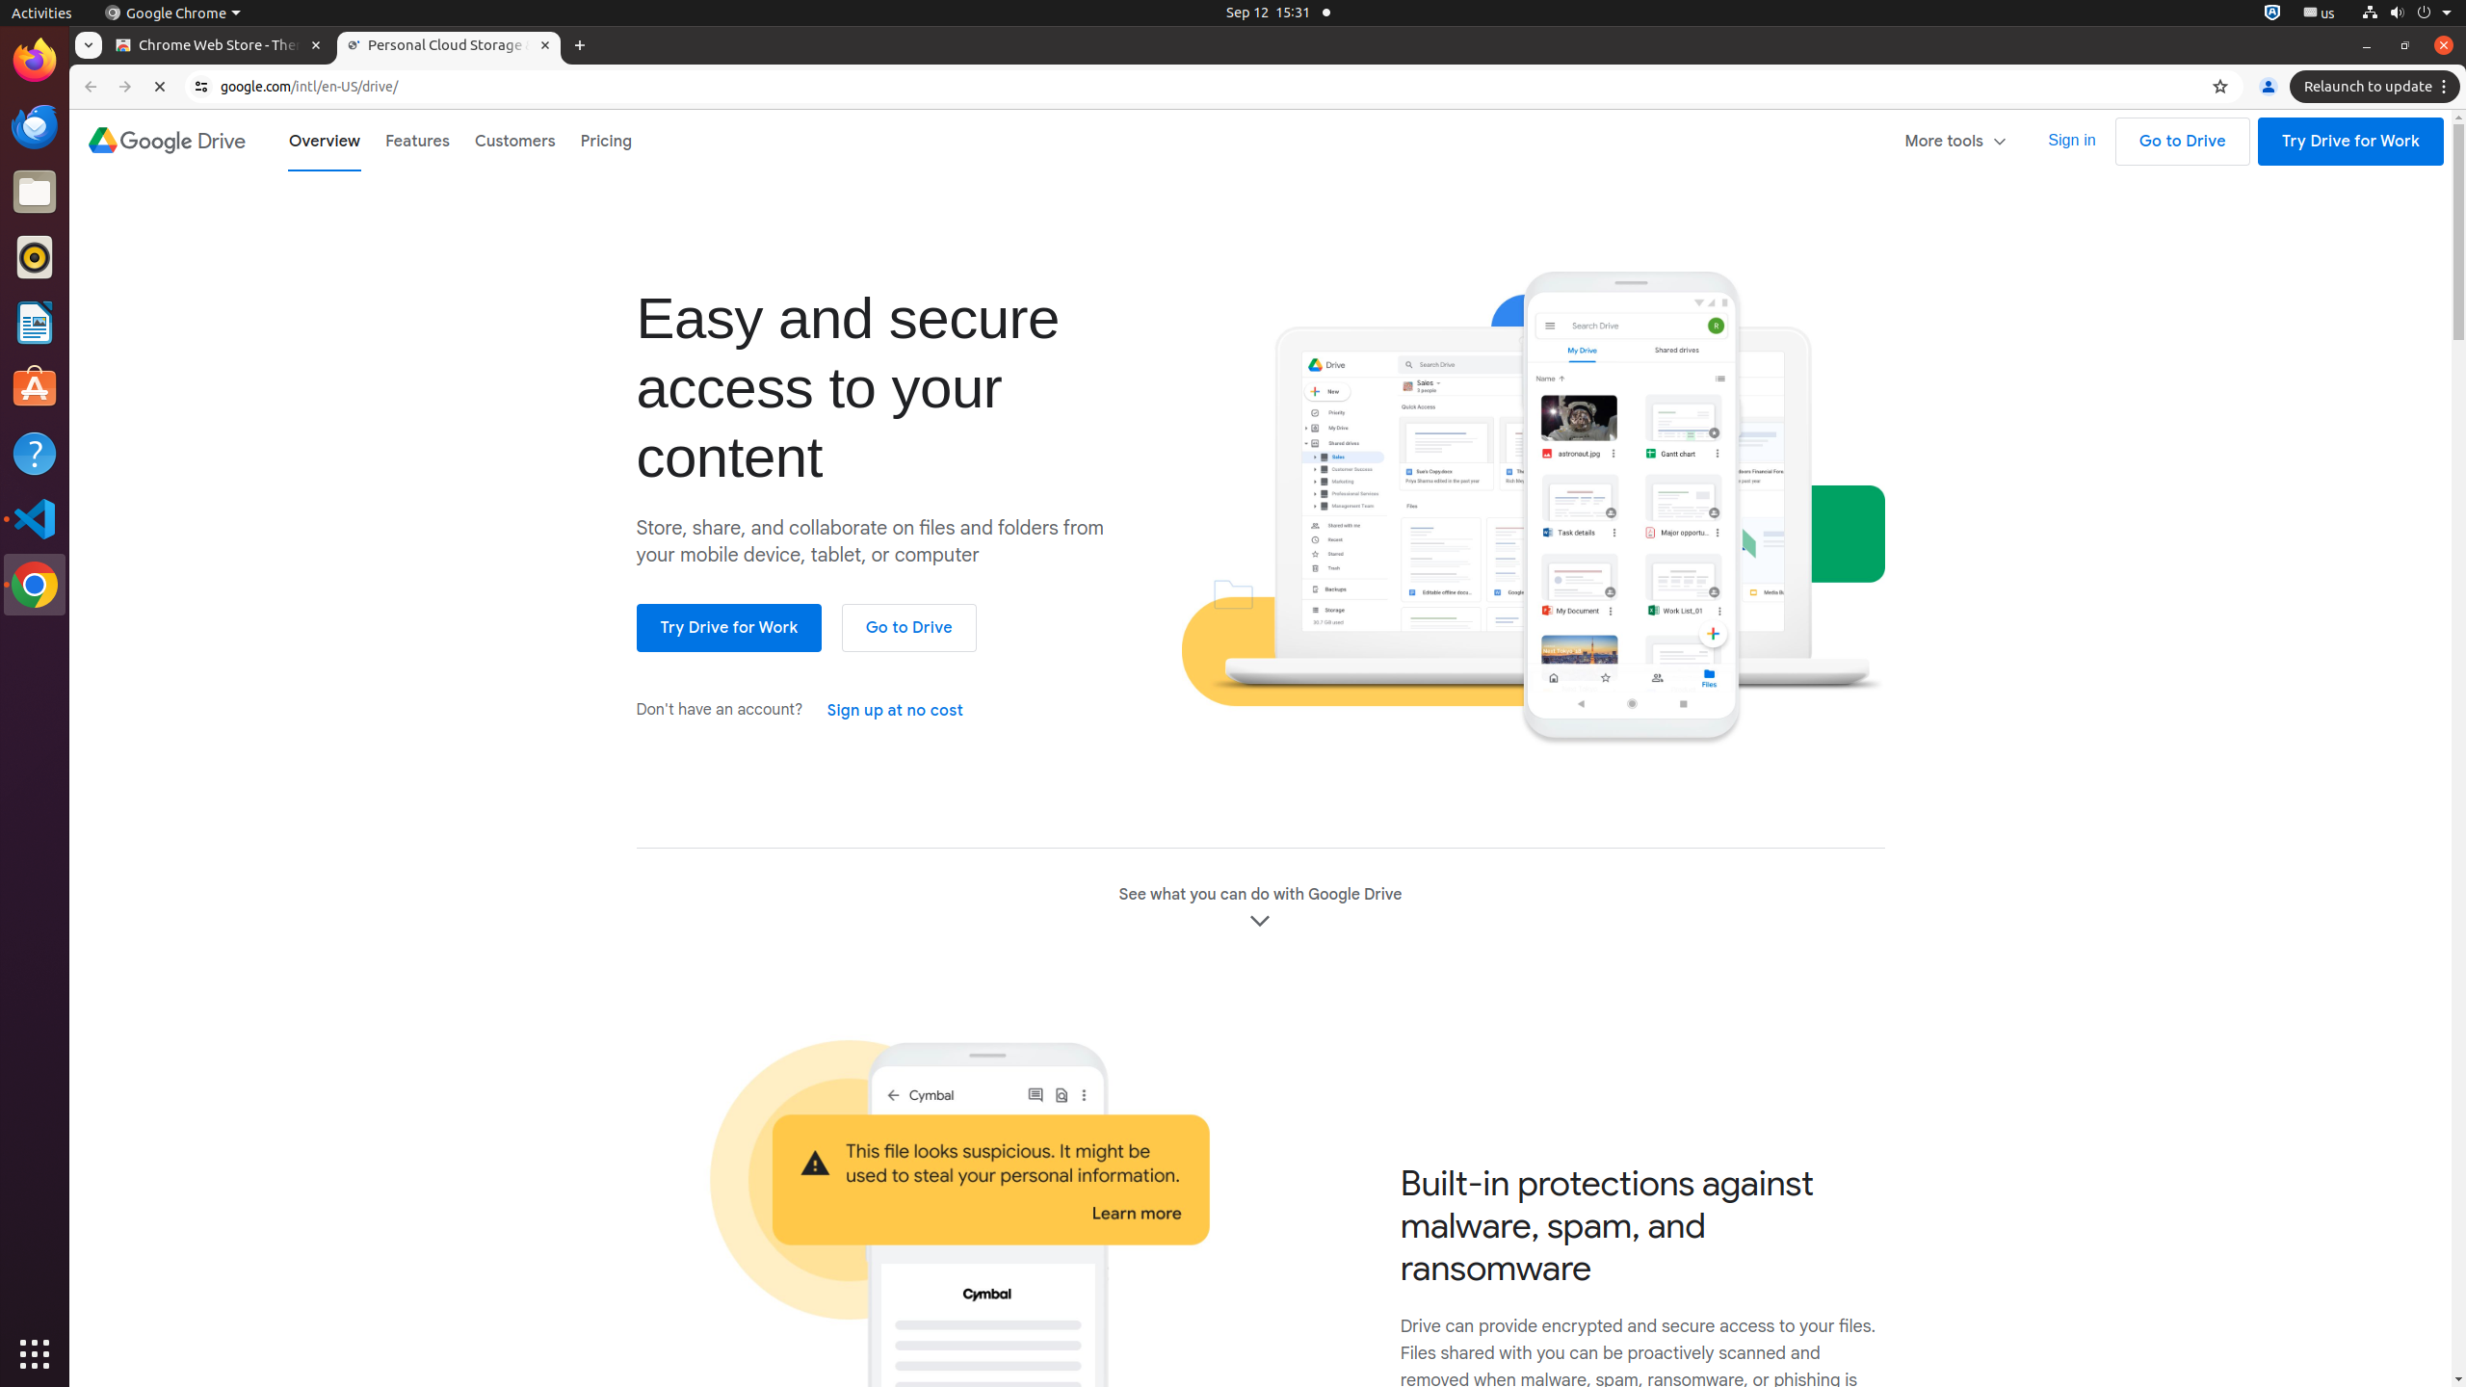  I want to click on 'You', so click(2267, 86).